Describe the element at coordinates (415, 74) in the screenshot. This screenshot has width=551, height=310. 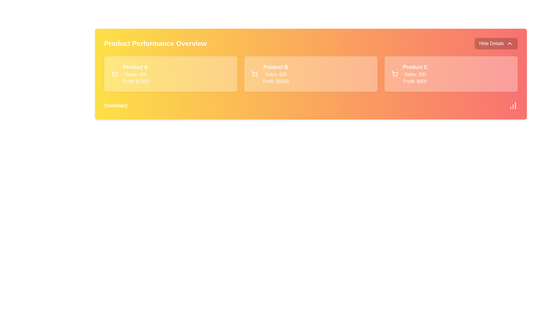
I see `the Informative card displaying information about 'Product C', which is the third card in a horizontal sequence, to potentially reveal further interactions` at that location.